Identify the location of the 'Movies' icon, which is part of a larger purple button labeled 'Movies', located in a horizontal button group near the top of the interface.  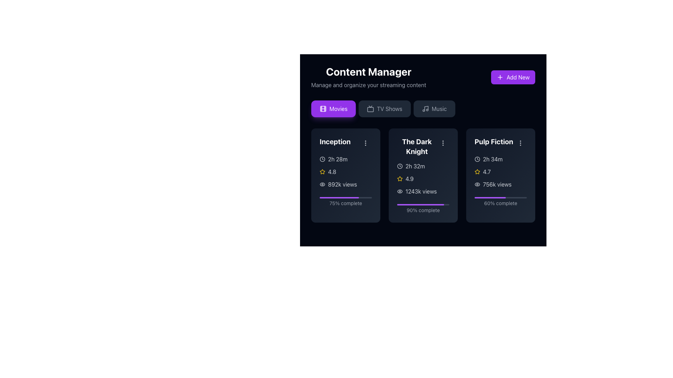
(322, 109).